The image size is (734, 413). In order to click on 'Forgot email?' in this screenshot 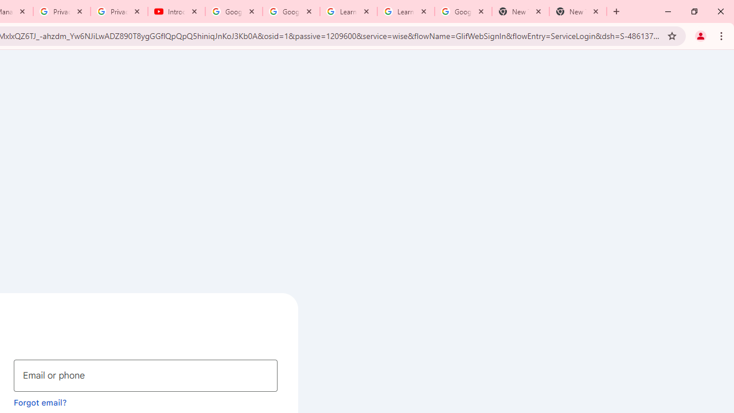, I will do `click(40, 402)`.